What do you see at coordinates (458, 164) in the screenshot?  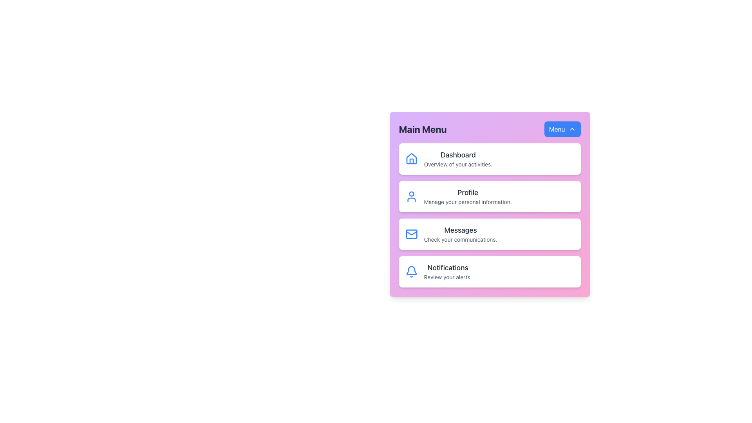 I see `the informational text snippet reading 'Overview of your activities' that is styled in gray and located directly below the 'Dashboard' heading in the topmost menu item of the vertically stacked menu list` at bounding box center [458, 164].